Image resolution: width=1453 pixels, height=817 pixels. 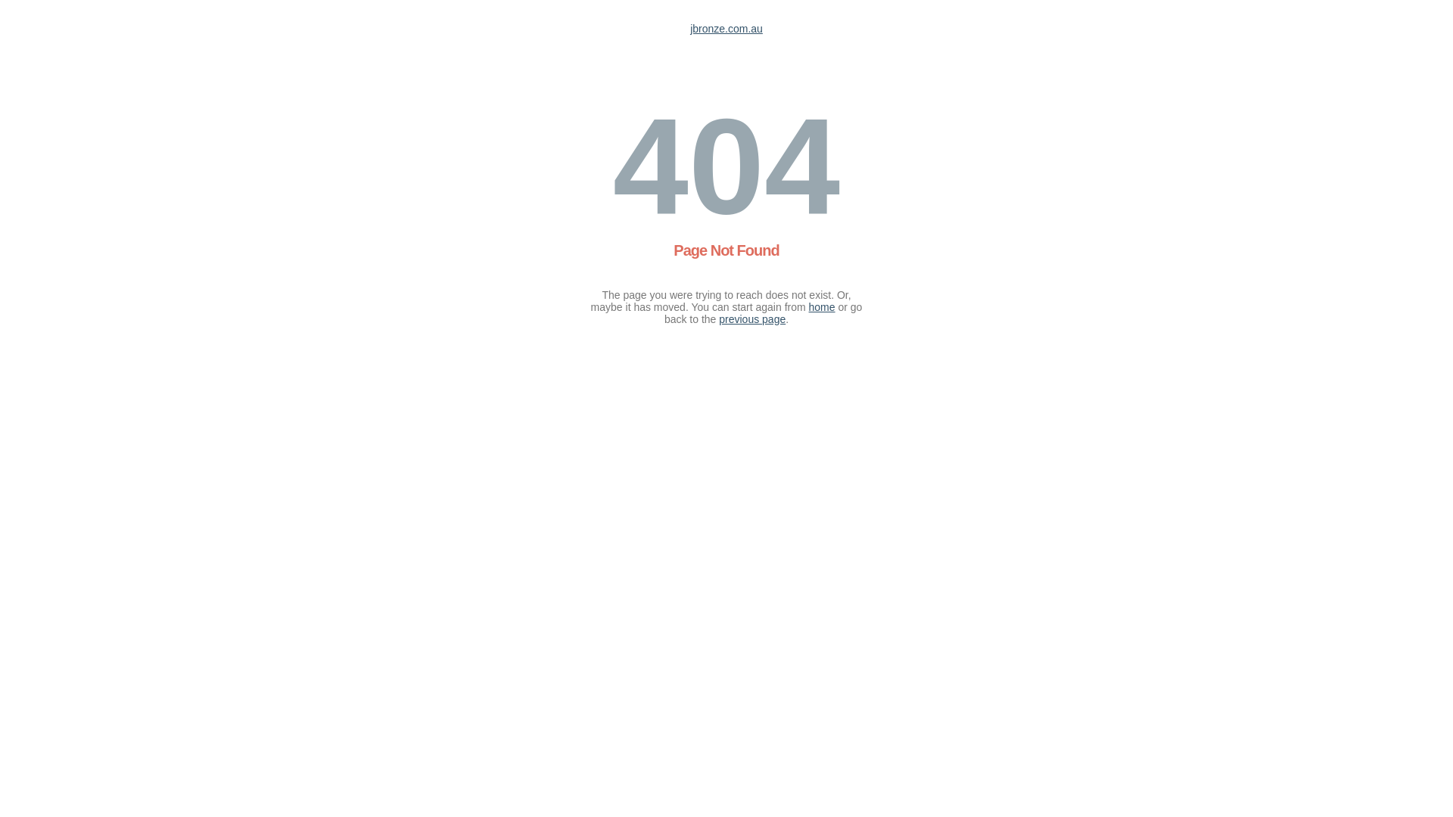 I want to click on 'jbronze.com.au', so click(x=726, y=29).